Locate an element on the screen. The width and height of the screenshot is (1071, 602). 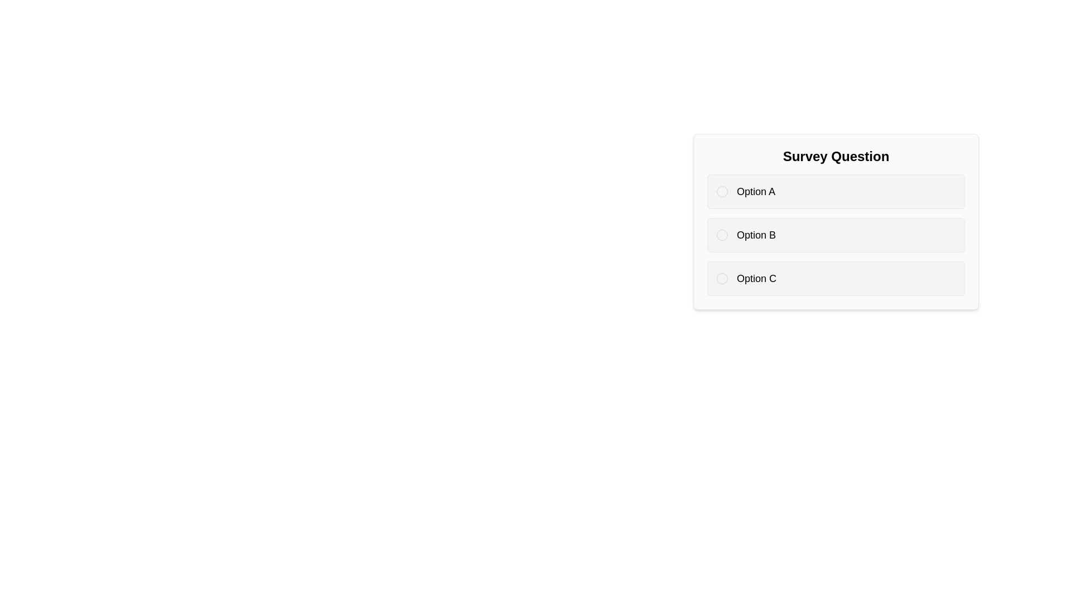
text content of the textual label for 'Option B', which is the second selectable option in the survey choice list, located to the right of the circular option selector is located at coordinates (756, 234).